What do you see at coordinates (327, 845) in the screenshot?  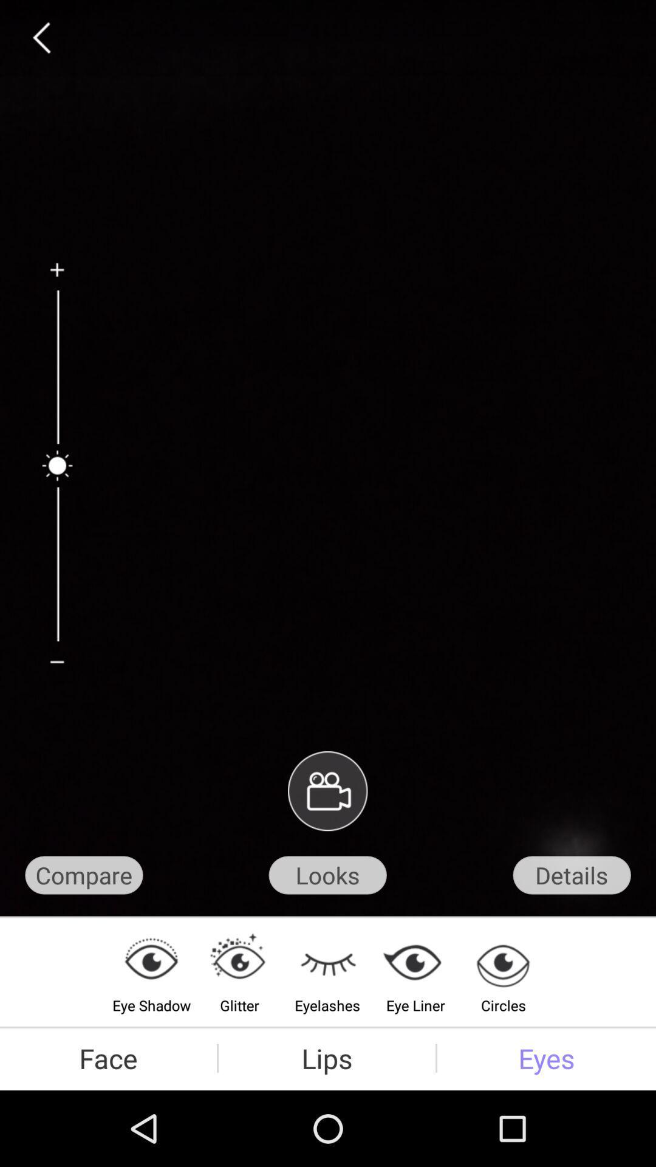 I see `the videocam icon` at bounding box center [327, 845].